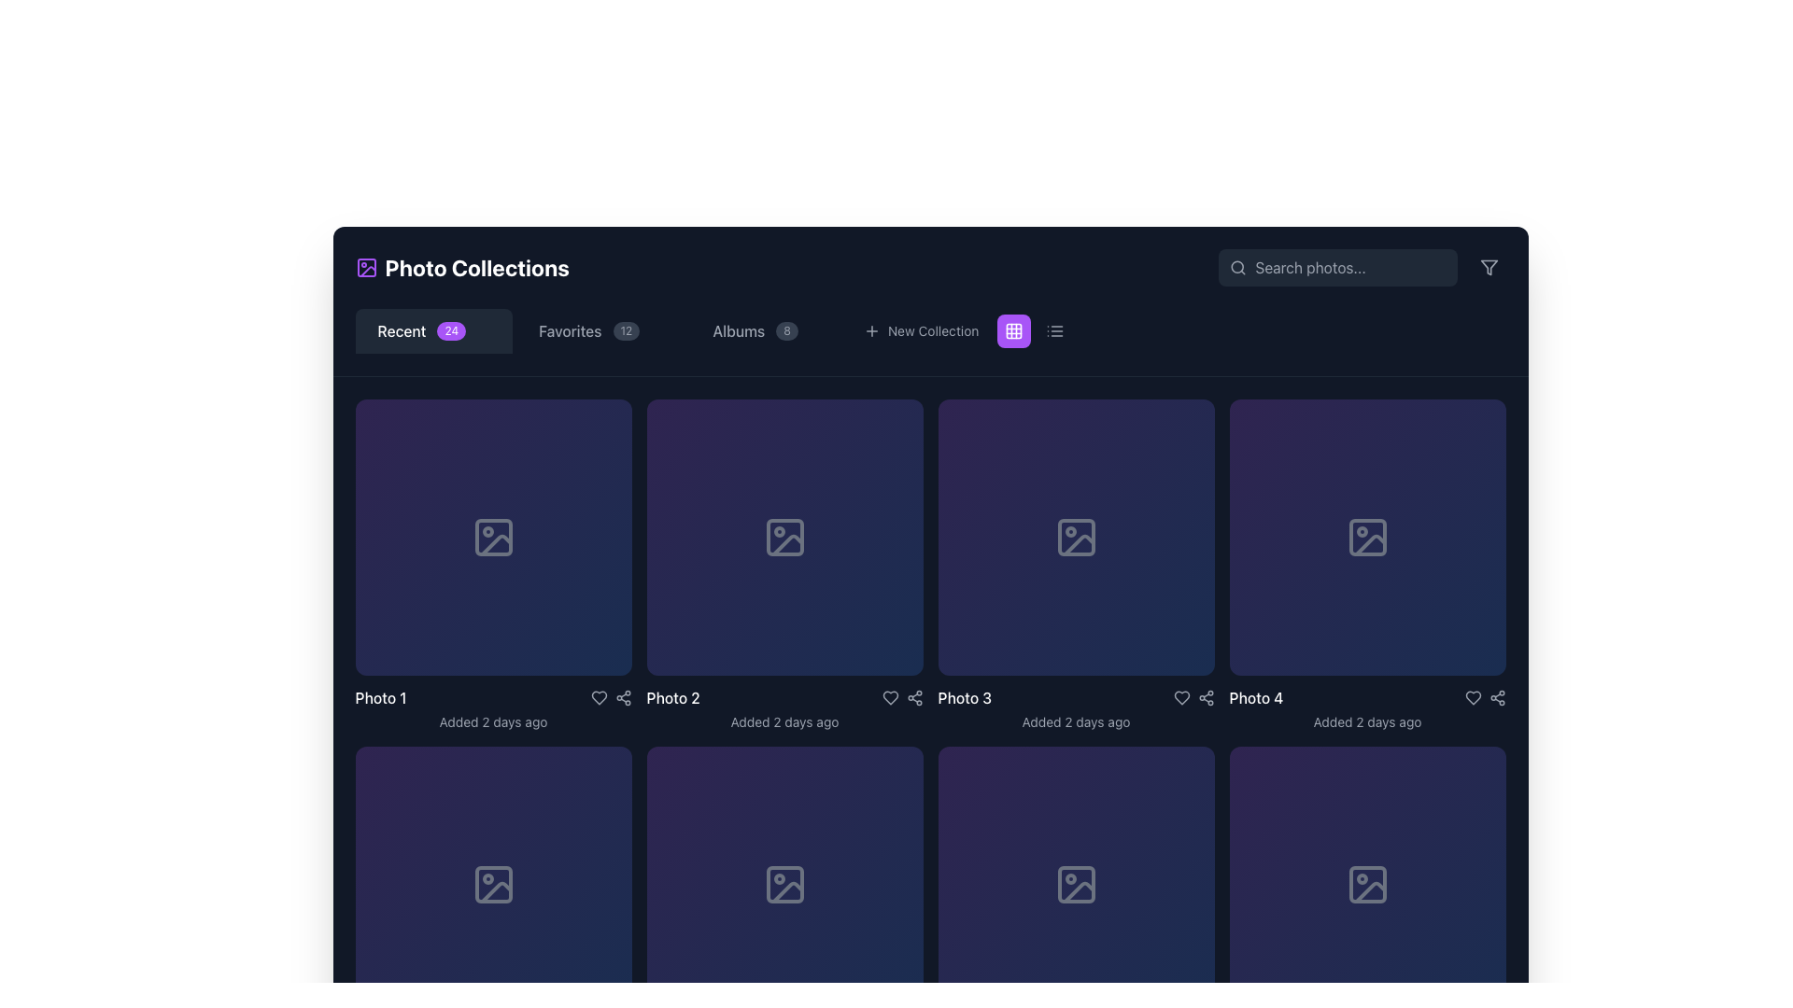 Image resolution: width=1793 pixels, height=1008 pixels. I want to click on the icon button styled as a 3x3 grid within a purple circular button, located in the navigation bar between the 'New Collection' button and the list view toggle icon, so click(1013, 329).